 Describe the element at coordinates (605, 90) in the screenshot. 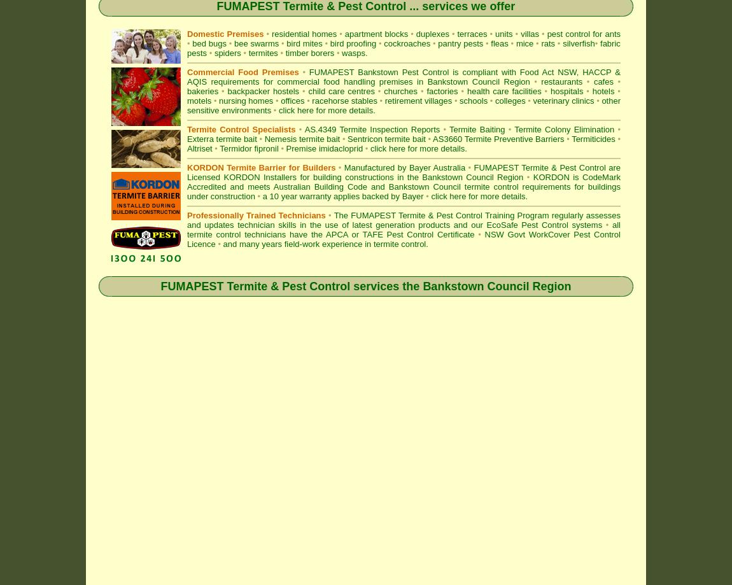

I see `'hotels'` at that location.